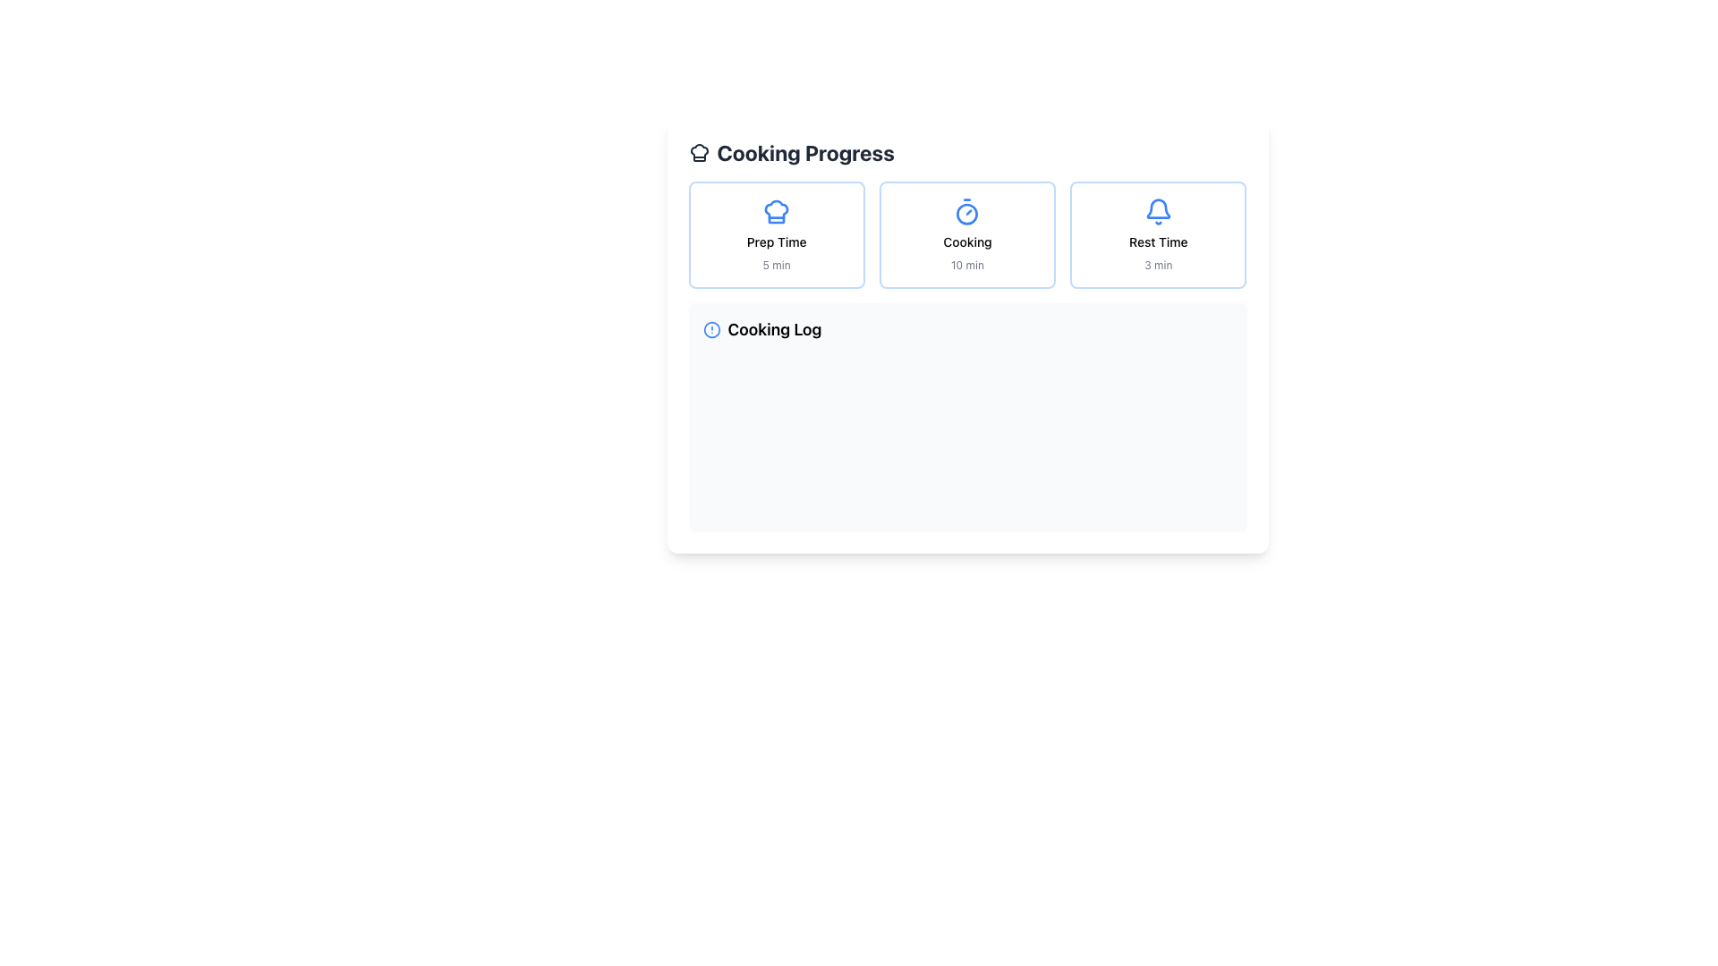 The height and width of the screenshot is (966, 1718). Describe the element at coordinates (777, 210) in the screenshot. I see `the chef hat icon element located at the center-top of the 'Prep Time' card` at that location.